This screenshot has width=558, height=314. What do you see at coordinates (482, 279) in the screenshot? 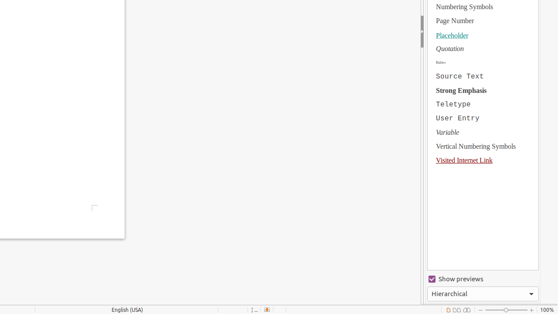
I see `'Show previews'` at bounding box center [482, 279].